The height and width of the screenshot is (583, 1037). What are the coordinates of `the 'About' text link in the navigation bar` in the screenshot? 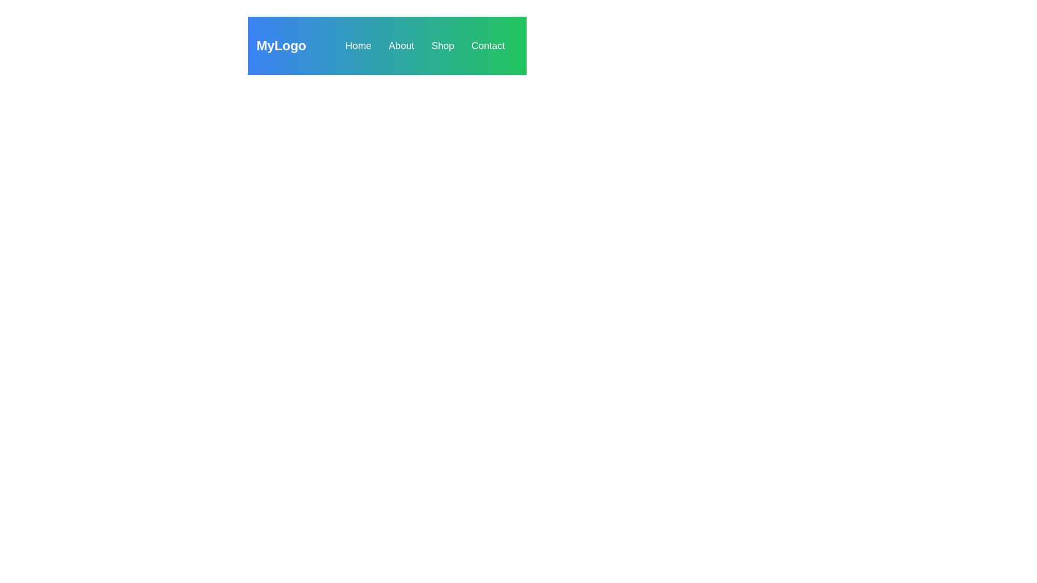 It's located at (401, 45).